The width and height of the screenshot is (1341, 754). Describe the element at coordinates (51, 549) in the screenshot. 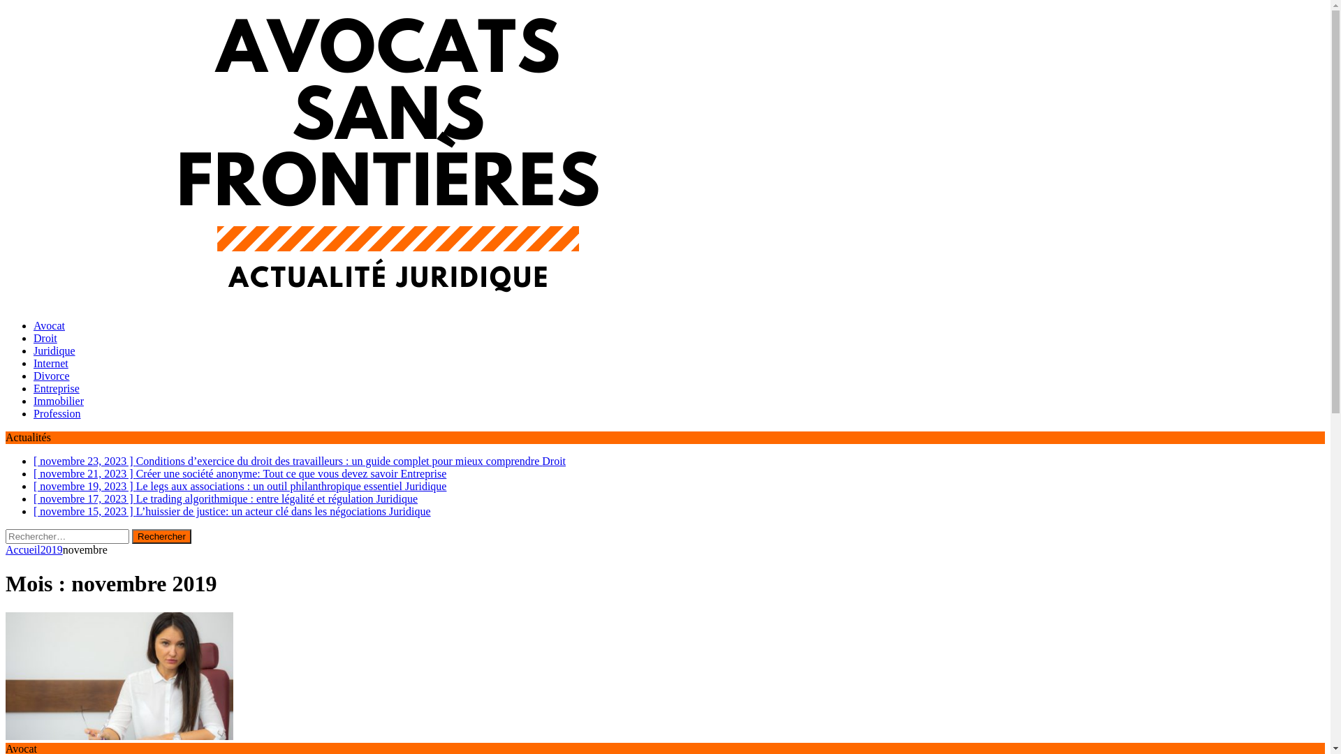

I see `'2019'` at that location.